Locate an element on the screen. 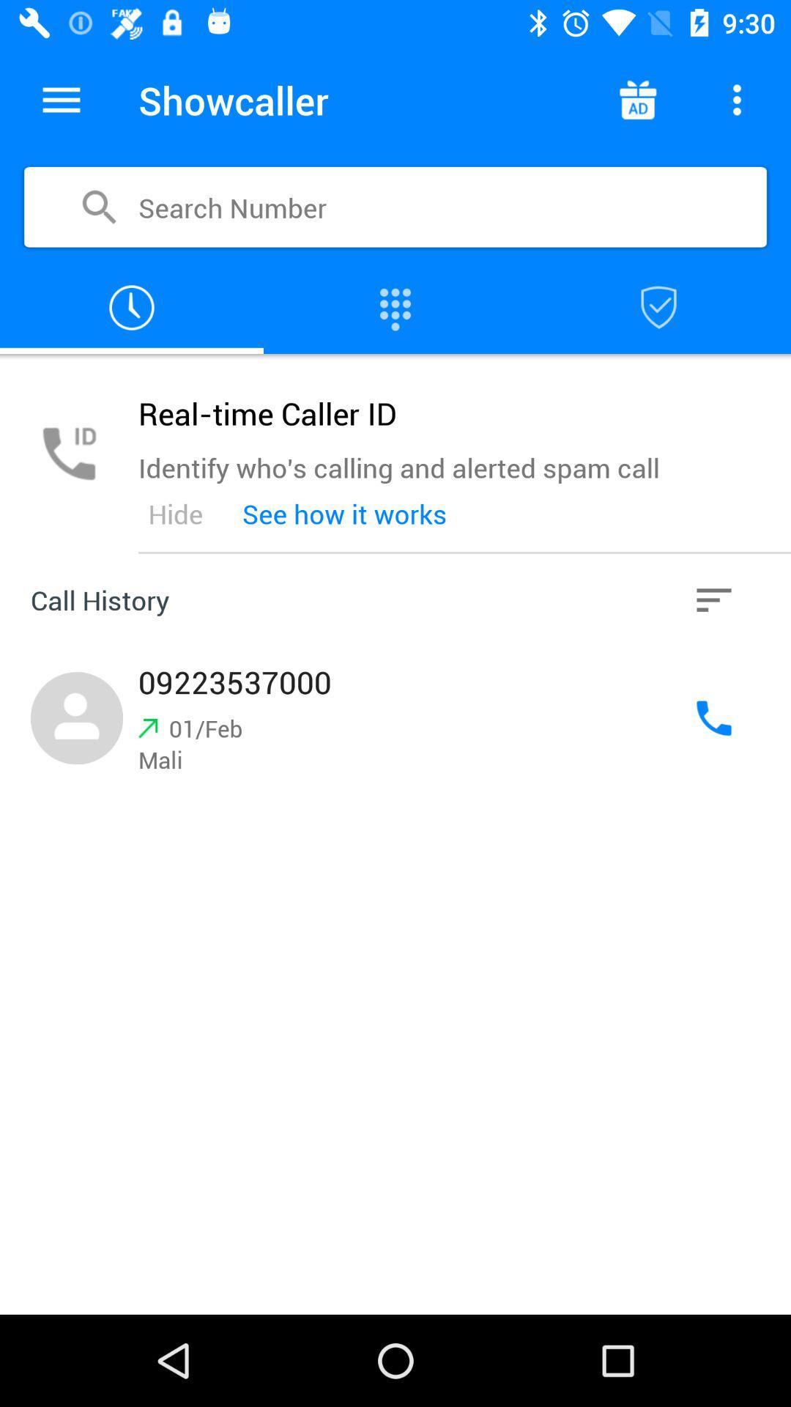 This screenshot has height=1407, width=791. see more options is located at coordinates (737, 99).